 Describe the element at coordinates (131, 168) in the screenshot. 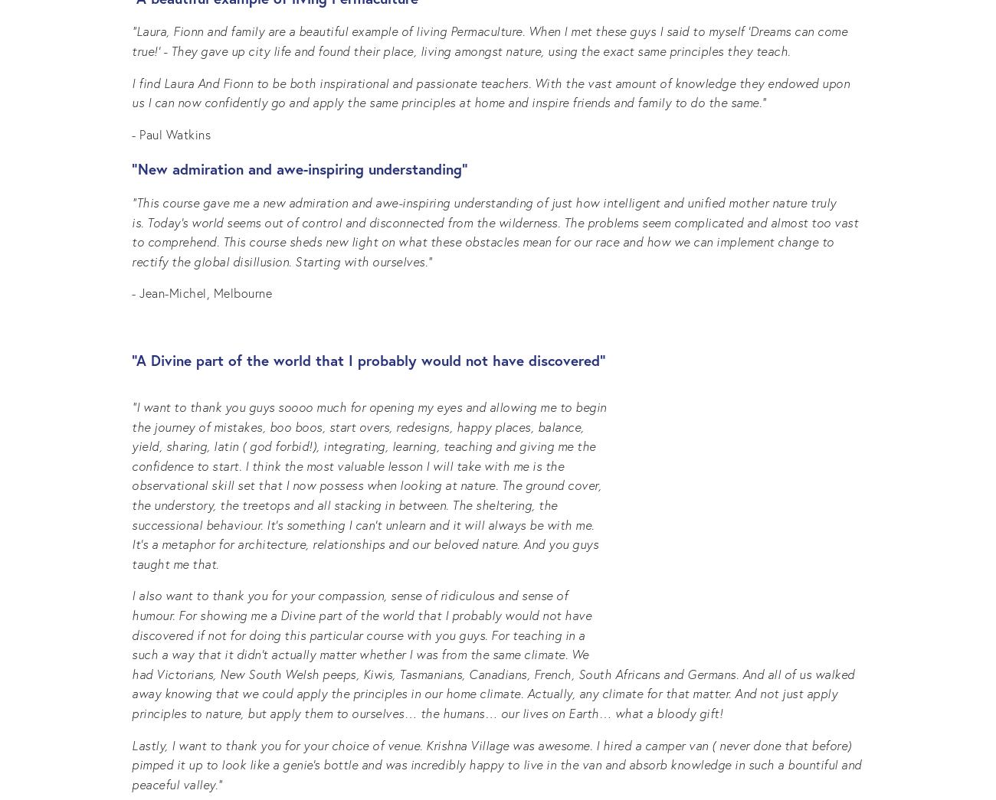

I see `'“New admiration and awe-inspiring understanding”'` at that location.